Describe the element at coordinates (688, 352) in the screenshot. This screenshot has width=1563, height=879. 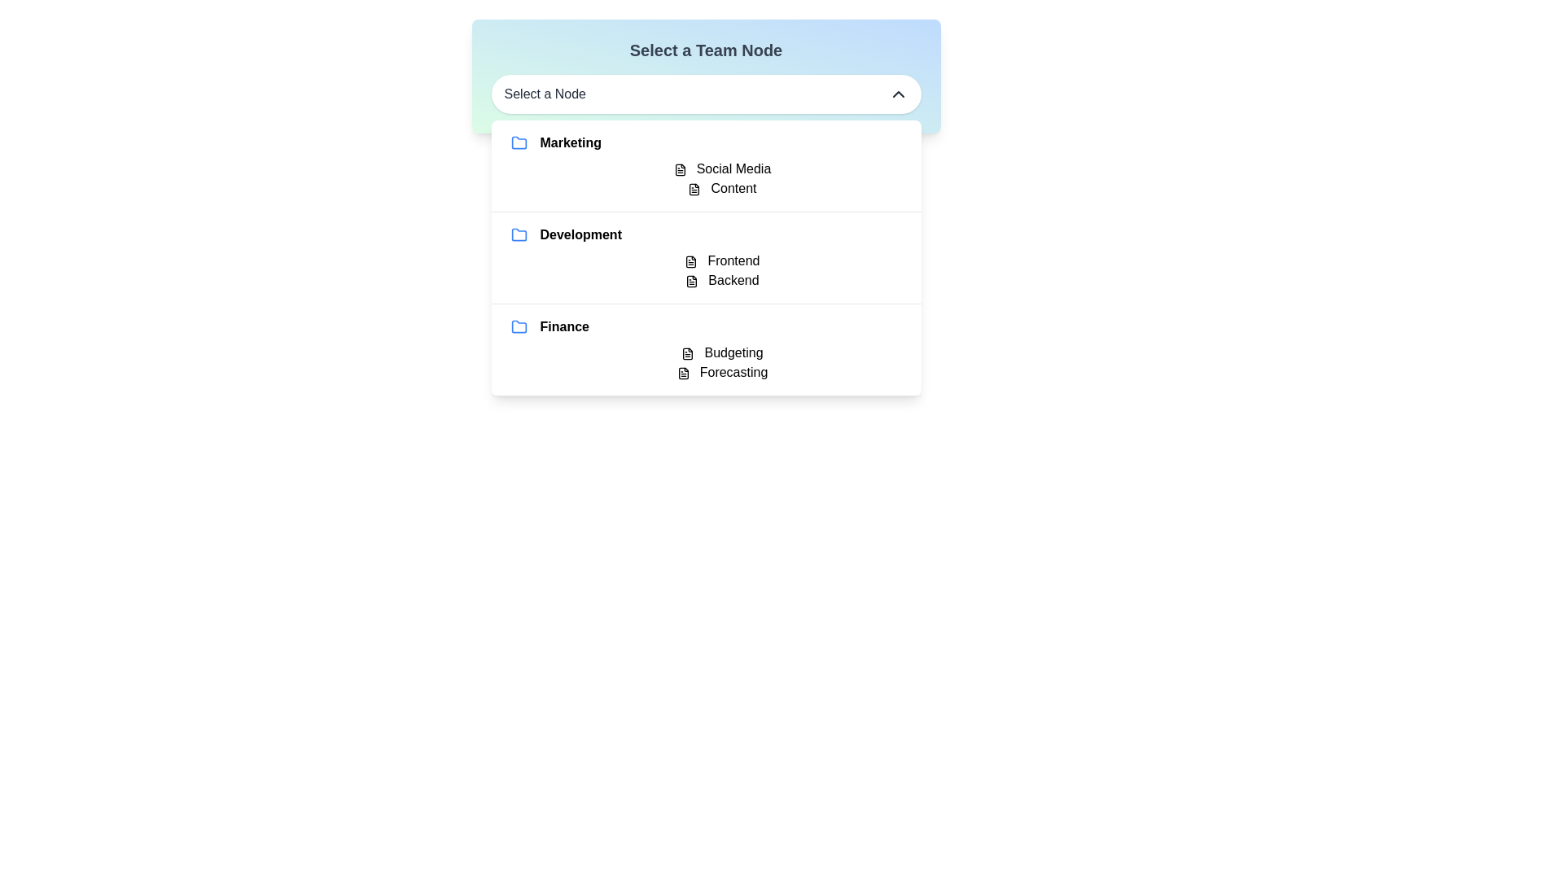
I see `the document icon located in the Finance section, directly to the left of the Budgeting label` at that location.